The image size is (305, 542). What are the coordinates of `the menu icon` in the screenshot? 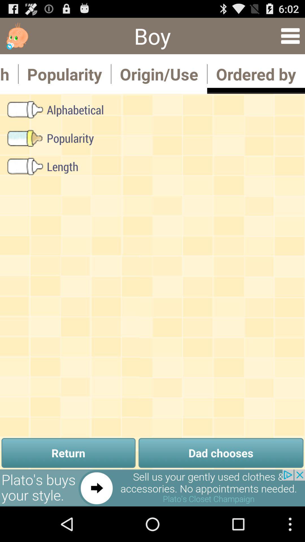 It's located at (290, 38).